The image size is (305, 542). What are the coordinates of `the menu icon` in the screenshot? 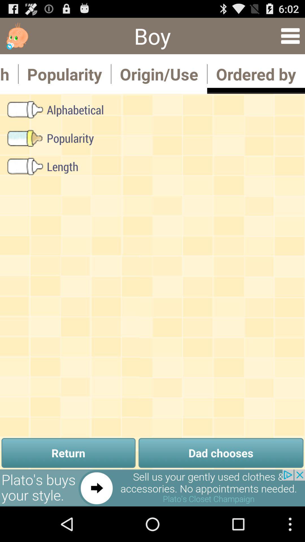 It's located at (290, 38).